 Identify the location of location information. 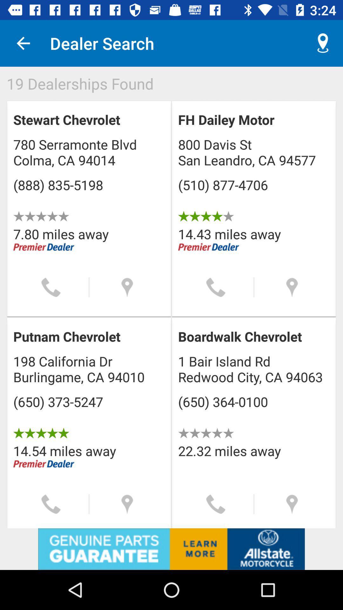
(292, 287).